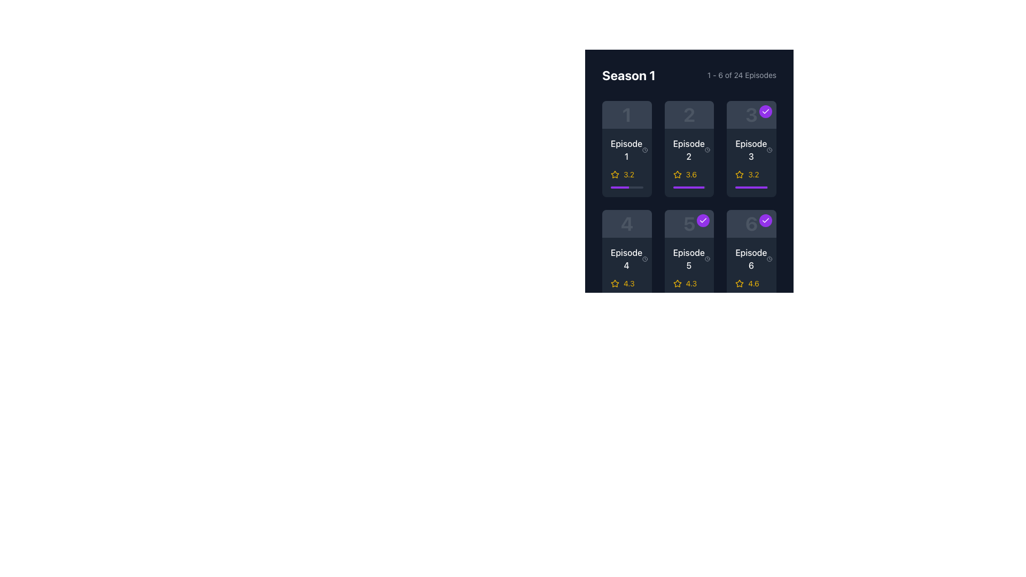  What do you see at coordinates (689, 187) in the screenshot?
I see `the horizontal progress indicator with a dark gray background and a filled purple segment located at the bottom part of the card for Episode 2 in the second column of the upper row within the grid of episodes` at bounding box center [689, 187].